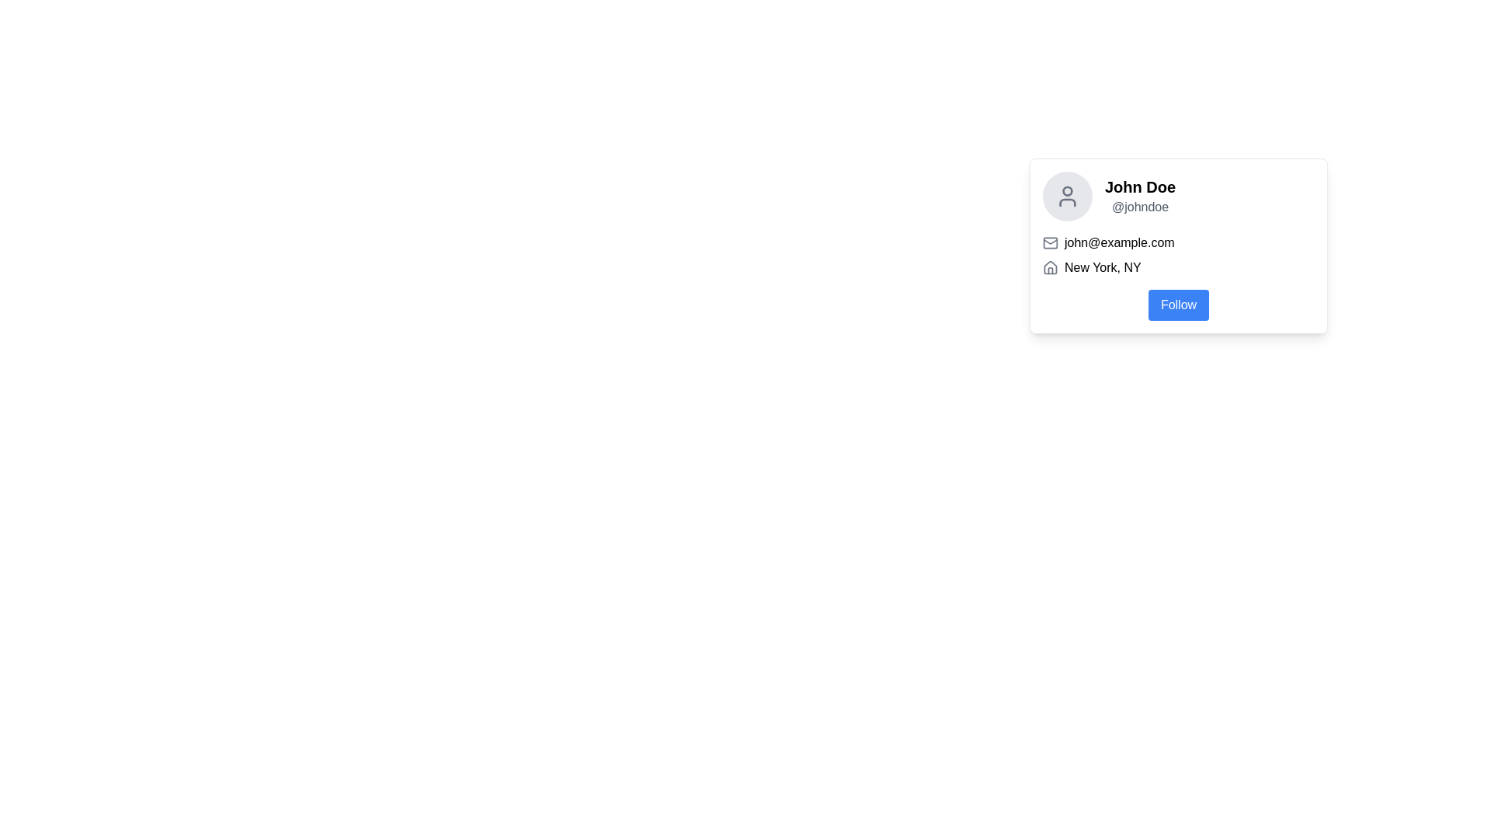 This screenshot has width=1492, height=839. I want to click on the follow button located in the lower section of the user information card to follow the user, so click(1178, 305).